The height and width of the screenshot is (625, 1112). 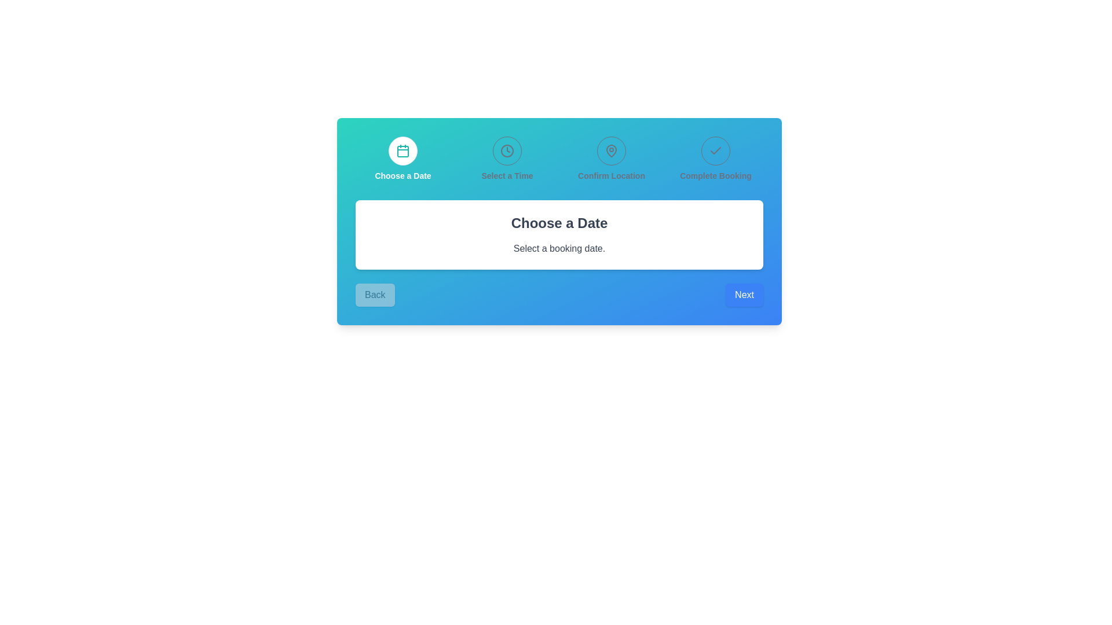 I want to click on the 'Complete Booking' text label, which is styled with a smaller font size and bold weight, located in the top-right section of the step navigation above the main content area, following 'Confirm Location', so click(x=715, y=176).